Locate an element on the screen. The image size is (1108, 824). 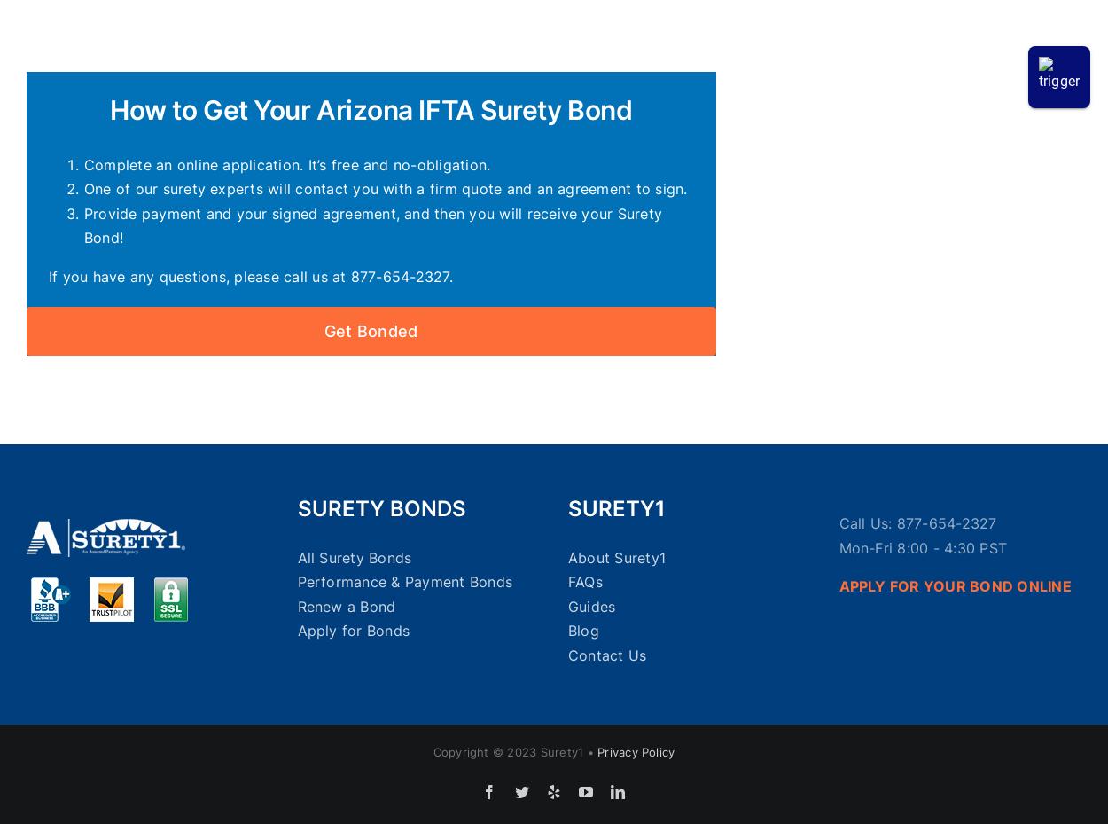
'2023 Surety1 •' is located at coordinates (551, 751).